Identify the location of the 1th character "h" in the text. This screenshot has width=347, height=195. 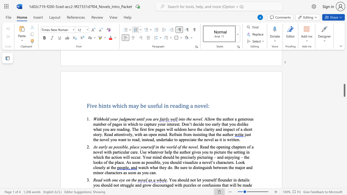
(162, 147).